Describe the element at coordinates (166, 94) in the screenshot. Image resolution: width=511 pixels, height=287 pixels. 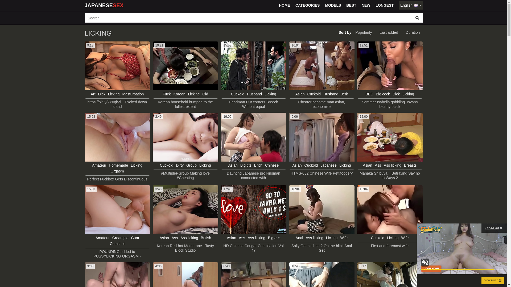
I see `'Fuck'` at that location.